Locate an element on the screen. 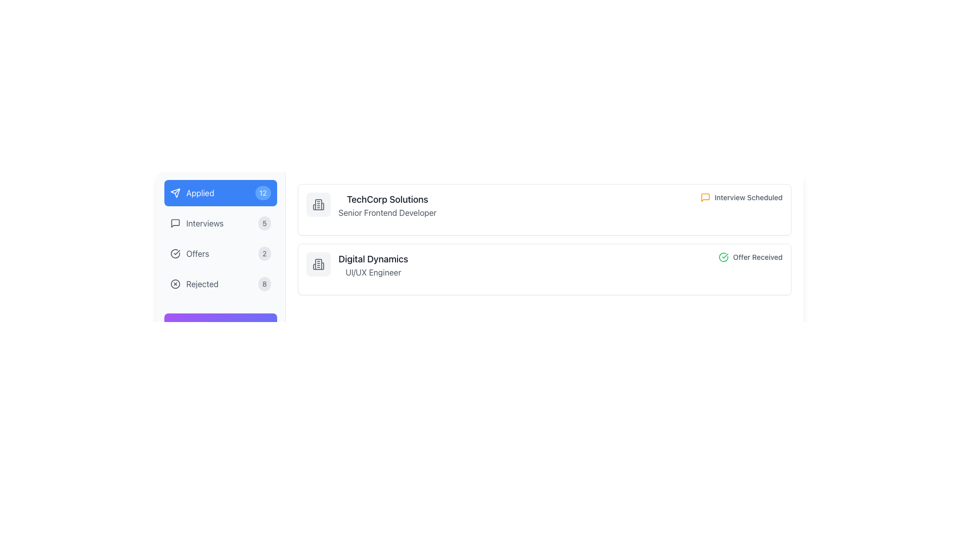  the gray speech bubble icon located to the left of the 'Interviews' text in the navigation sidebar is located at coordinates (175, 223).